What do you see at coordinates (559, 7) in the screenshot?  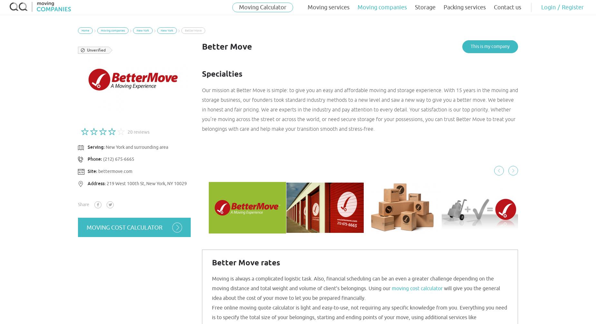 I see `'/'` at bounding box center [559, 7].